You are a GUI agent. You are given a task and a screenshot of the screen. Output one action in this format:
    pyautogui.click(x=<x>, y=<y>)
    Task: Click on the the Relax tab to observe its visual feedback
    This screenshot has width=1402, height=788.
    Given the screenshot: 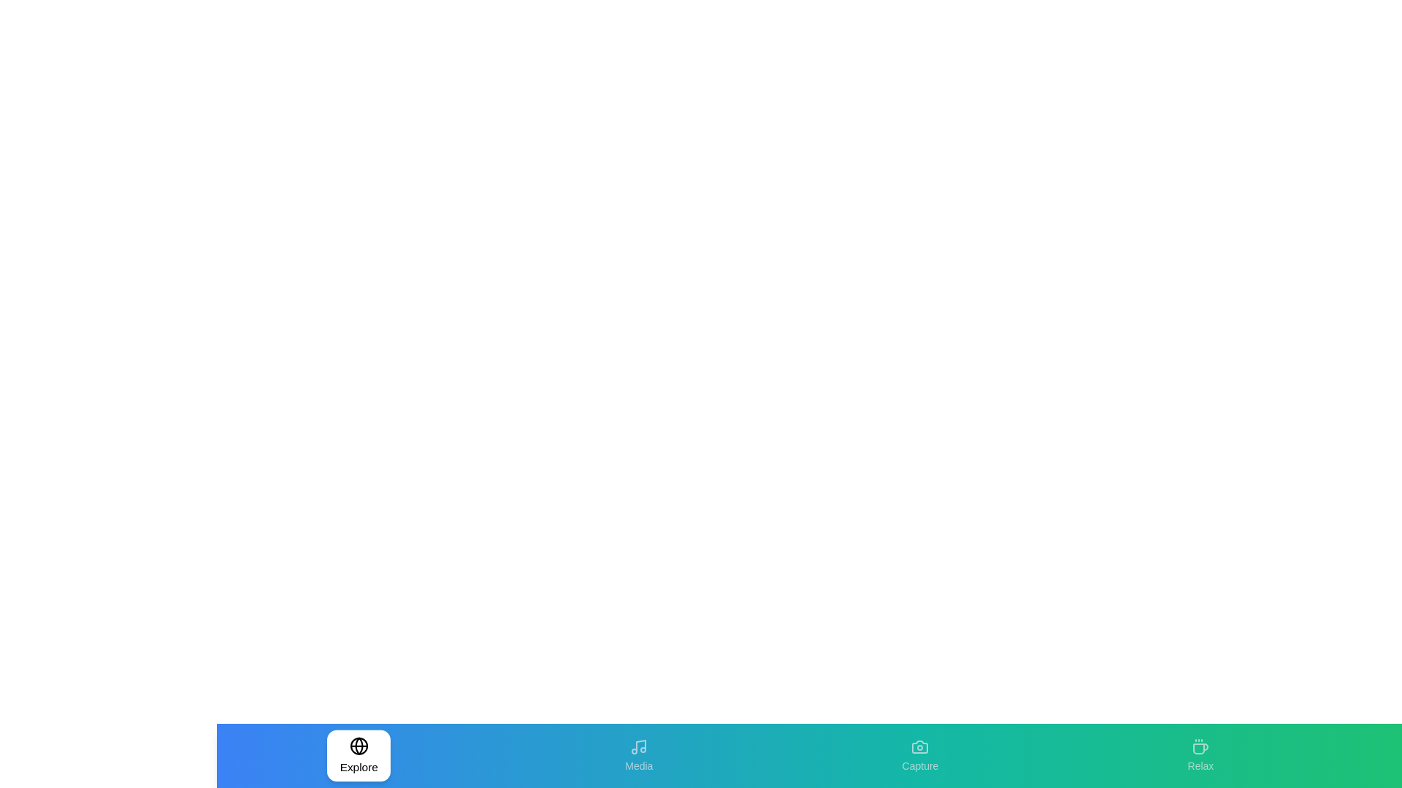 What is the action you would take?
    pyautogui.click(x=1200, y=755)
    